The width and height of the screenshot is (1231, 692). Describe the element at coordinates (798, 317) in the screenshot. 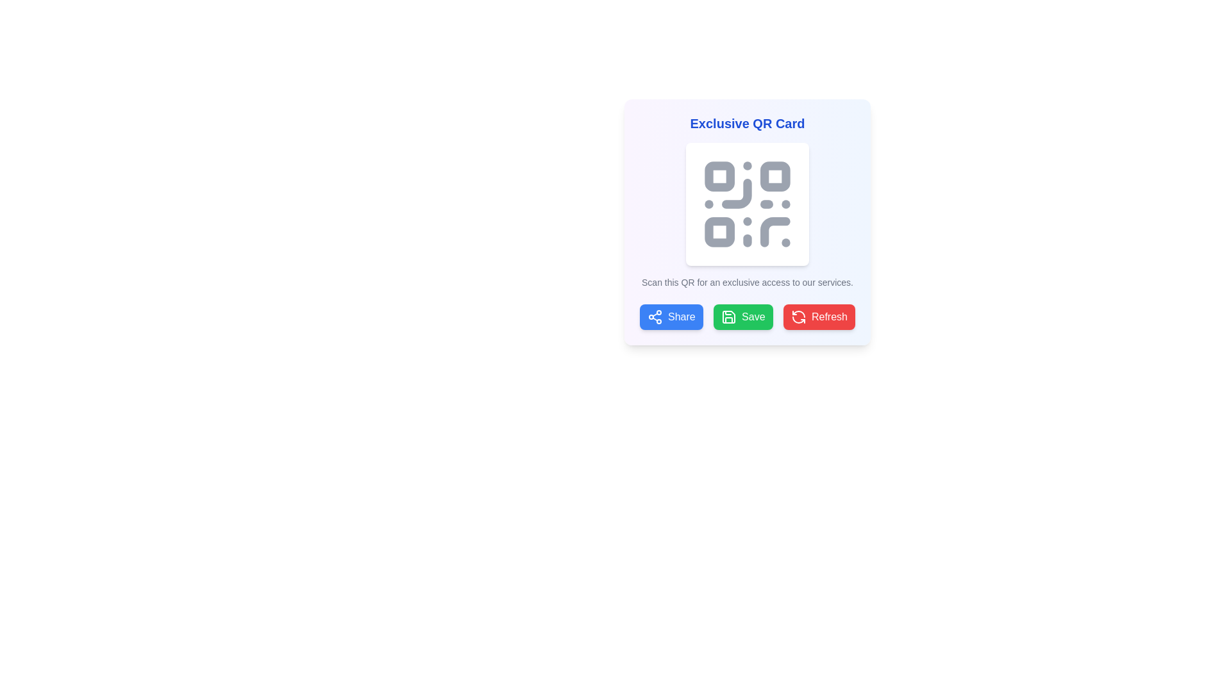

I see `the refresh icon, which is a circular arrow styled element located within the red 'Refresh' button in the bottom-right corner of the interface` at that location.